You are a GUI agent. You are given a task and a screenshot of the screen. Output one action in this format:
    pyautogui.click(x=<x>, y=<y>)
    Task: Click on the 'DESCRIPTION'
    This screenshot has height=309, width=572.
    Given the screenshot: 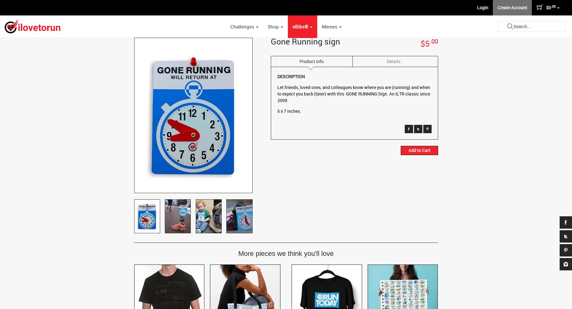 What is the action you would take?
    pyautogui.click(x=290, y=76)
    